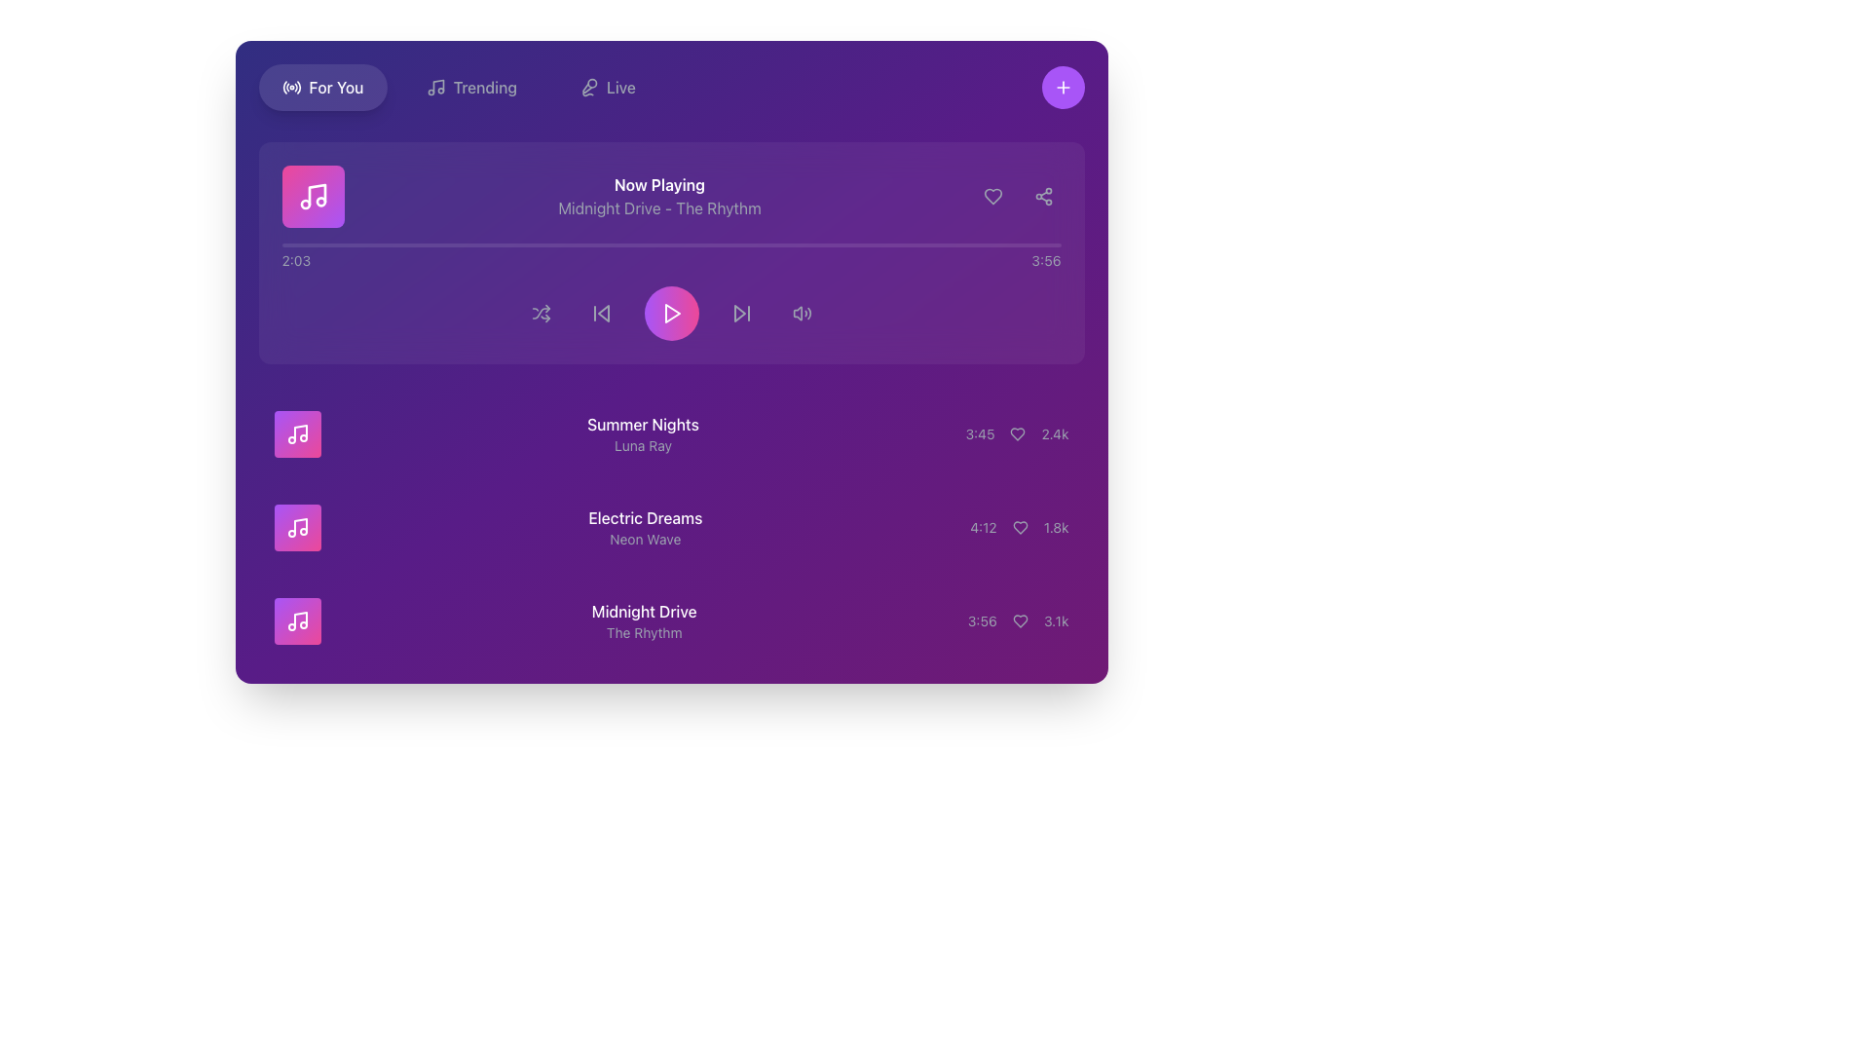 This screenshot has height=1052, width=1870. What do you see at coordinates (296, 528) in the screenshot?
I see `the music note icon with a gradient purple to pink square, which is the second icon in the vertical list under 'Now Playing'` at bounding box center [296, 528].